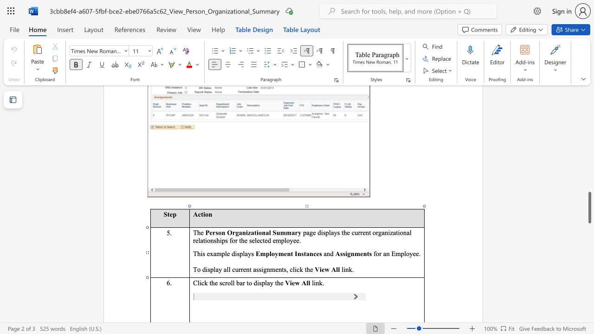 The height and width of the screenshot is (334, 594). Describe the element at coordinates (202, 282) in the screenshot. I see `the 1th character "c" in the text` at that location.